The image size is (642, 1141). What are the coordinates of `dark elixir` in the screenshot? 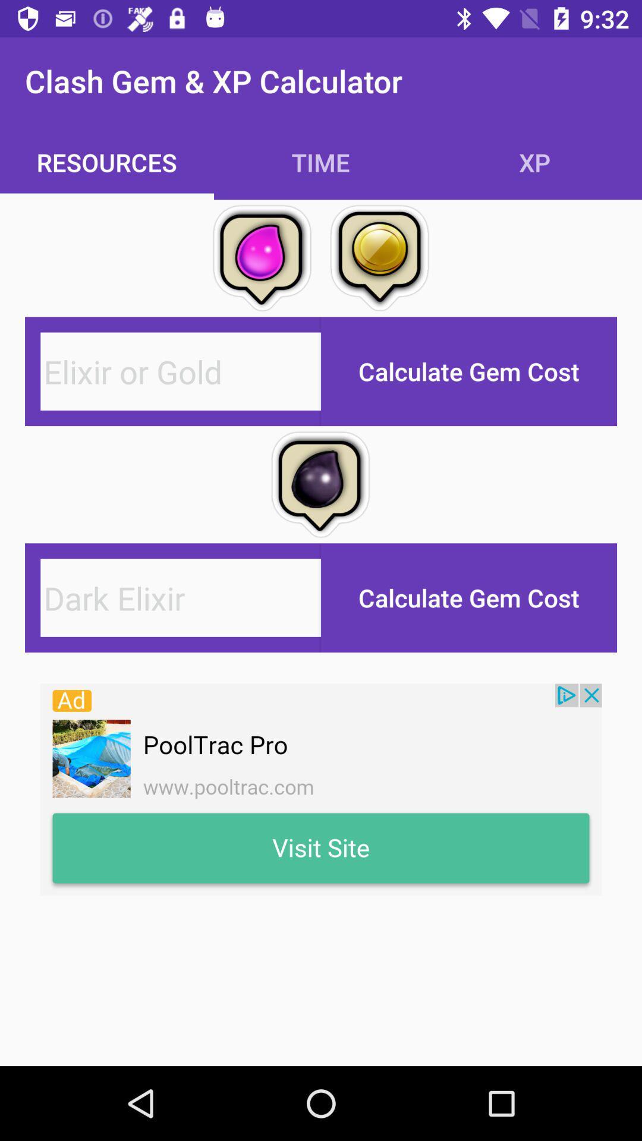 It's located at (181, 598).